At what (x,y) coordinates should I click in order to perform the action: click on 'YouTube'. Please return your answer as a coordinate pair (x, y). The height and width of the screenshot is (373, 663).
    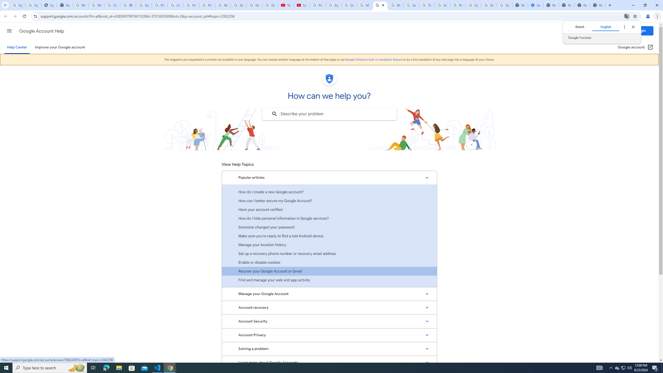
    Looking at the image, I should click on (286, 5).